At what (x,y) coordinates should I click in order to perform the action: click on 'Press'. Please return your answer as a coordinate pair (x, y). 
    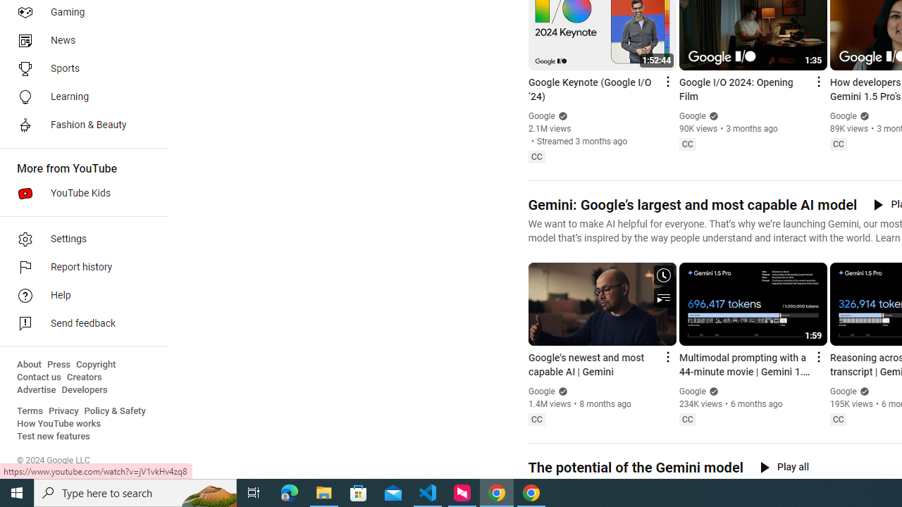
    Looking at the image, I should click on (58, 364).